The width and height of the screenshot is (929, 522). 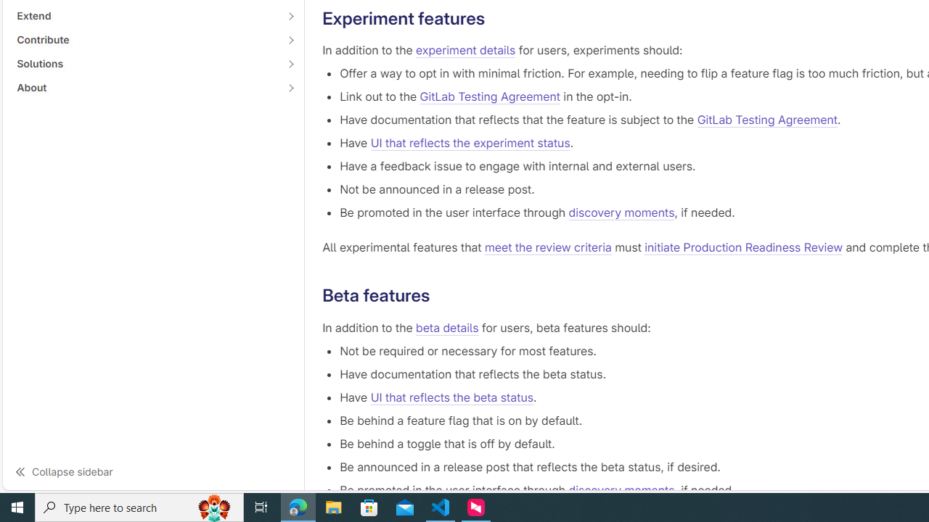 What do you see at coordinates (547, 247) in the screenshot?
I see `'meet the review criteria'` at bounding box center [547, 247].